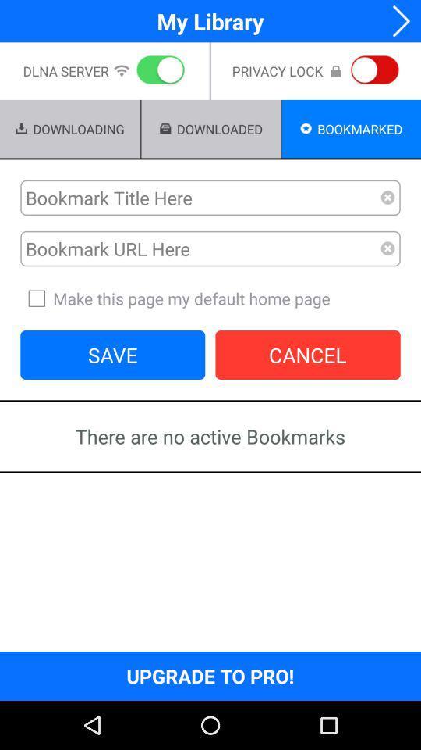 The width and height of the screenshot is (421, 750). Describe the element at coordinates (396, 20) in the screenshot. I see `the icon show to goto previous page` at that location.